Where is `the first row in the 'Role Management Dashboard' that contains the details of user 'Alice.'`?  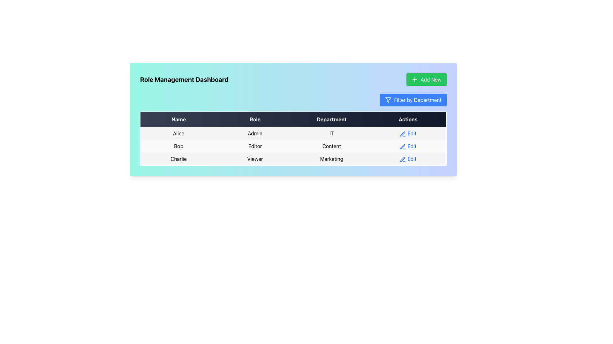 the first row in the 'Role Management Dashboard' that contains the details of user 'Alice.' is located at coordinates (293, 133).